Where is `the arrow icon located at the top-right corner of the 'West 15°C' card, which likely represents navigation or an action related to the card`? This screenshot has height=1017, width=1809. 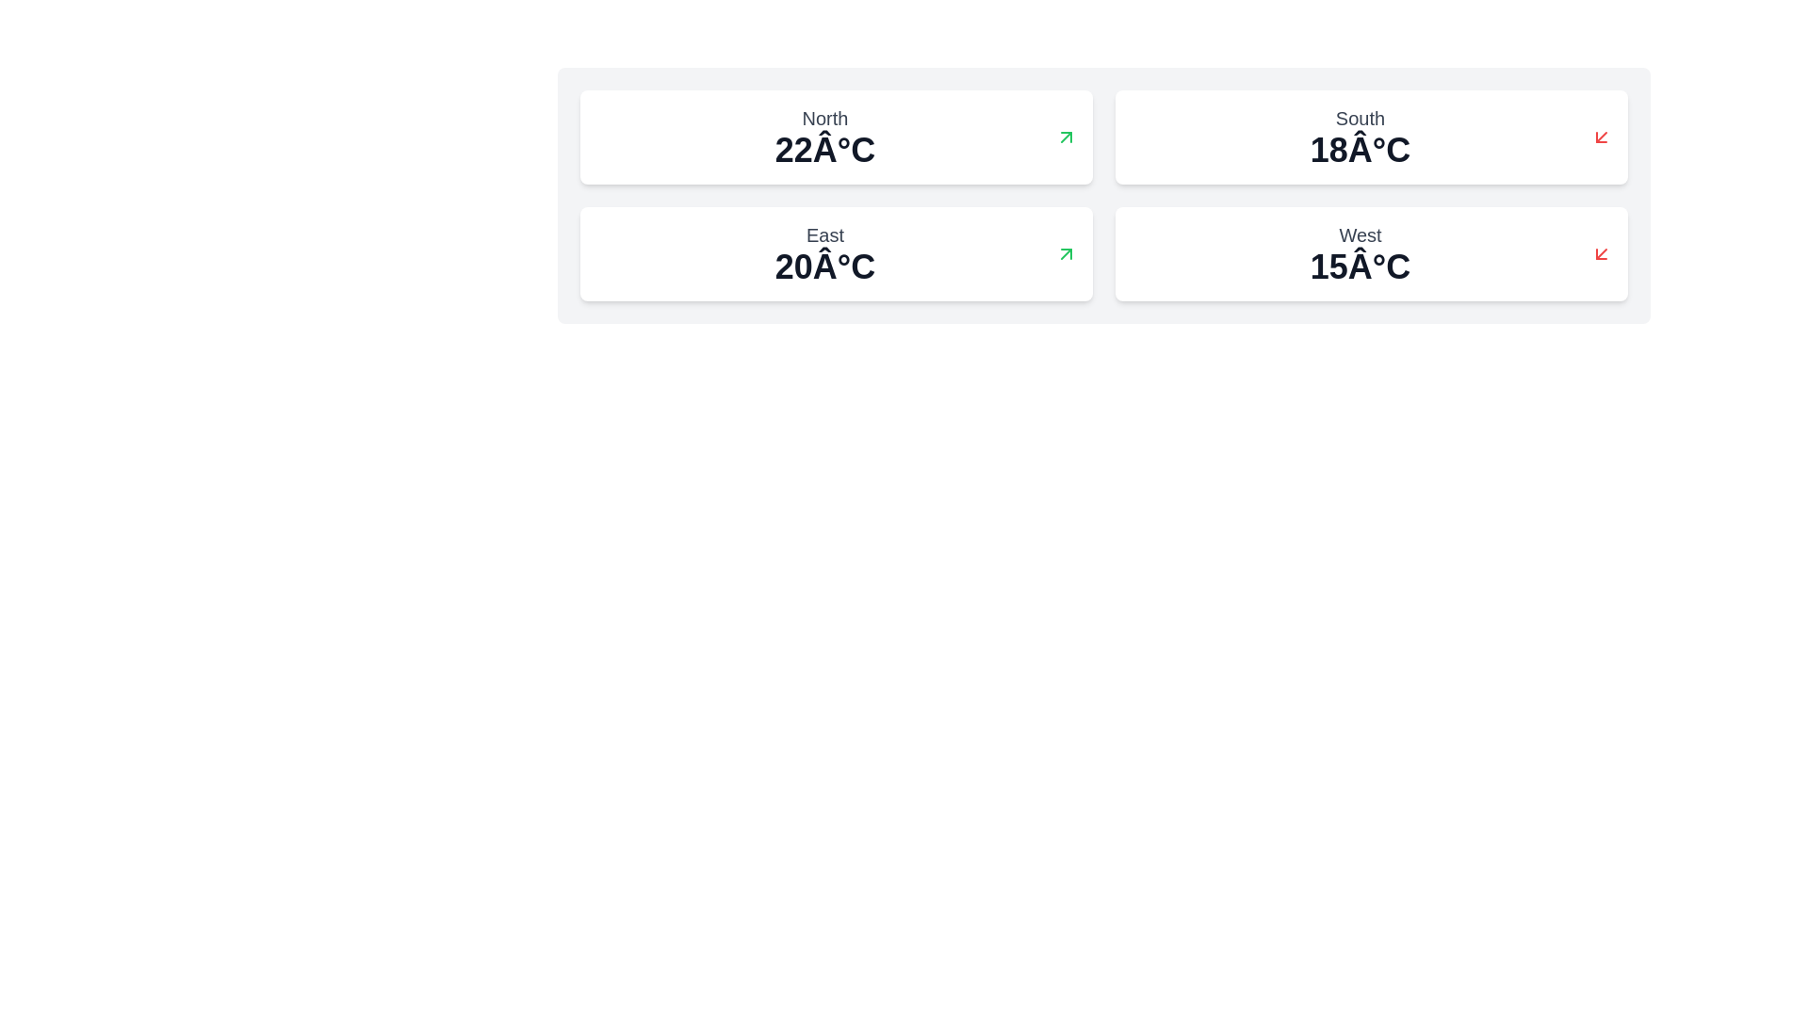 the arrow icon located at the top-right corner of the 'West 15°C' card, which likely represents navigation or an action related to the card is located at coordinates (1600, 254).